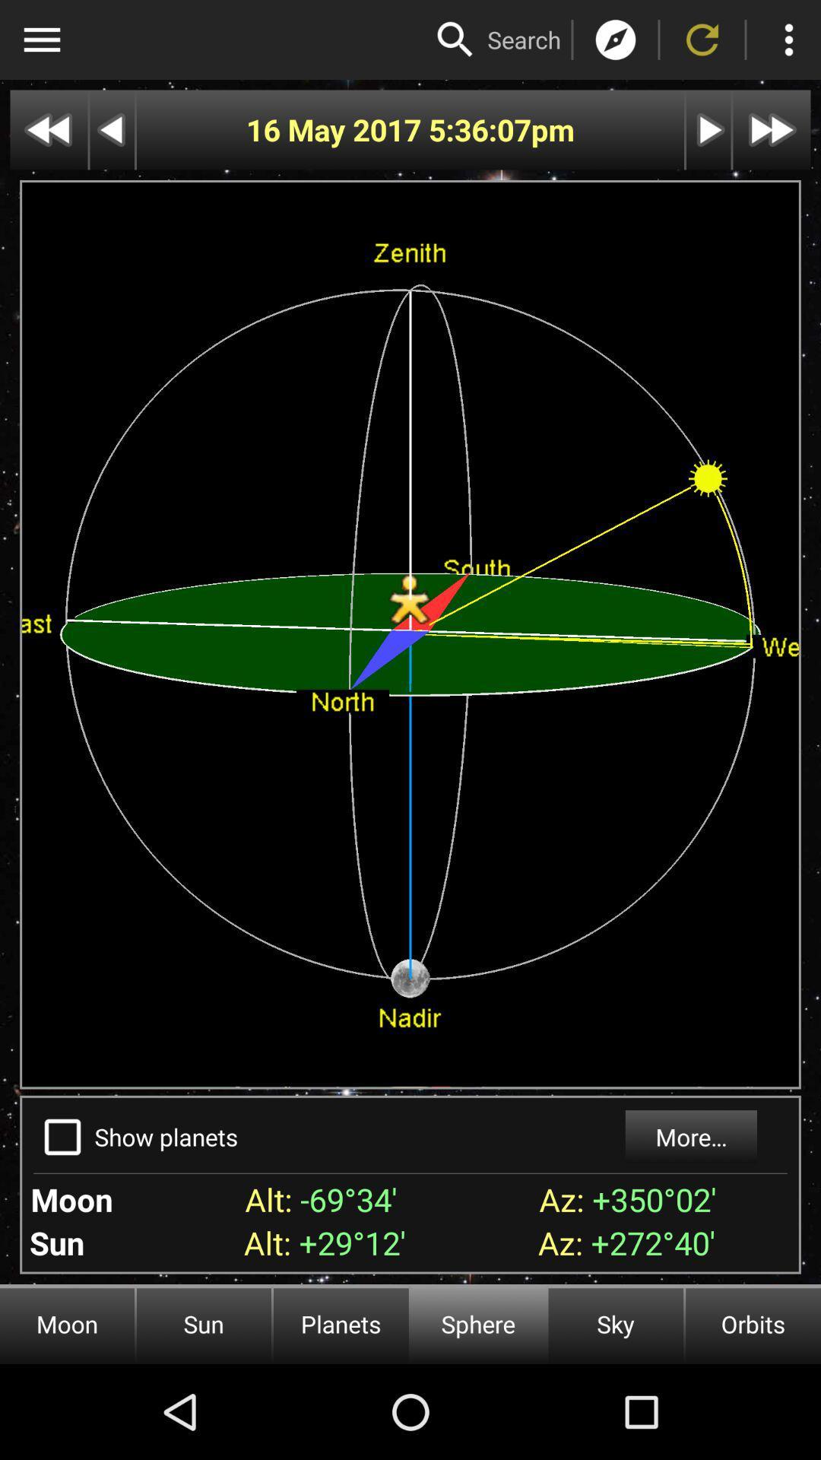  Describe the element at coordinates (480, 130) in the screenshot. I see `the app to the left of the pm item` at that location.